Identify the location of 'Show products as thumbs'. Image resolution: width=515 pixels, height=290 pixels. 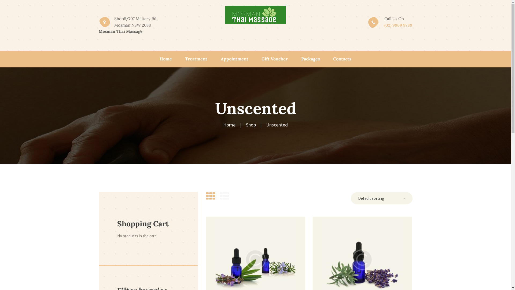
(210, 196).